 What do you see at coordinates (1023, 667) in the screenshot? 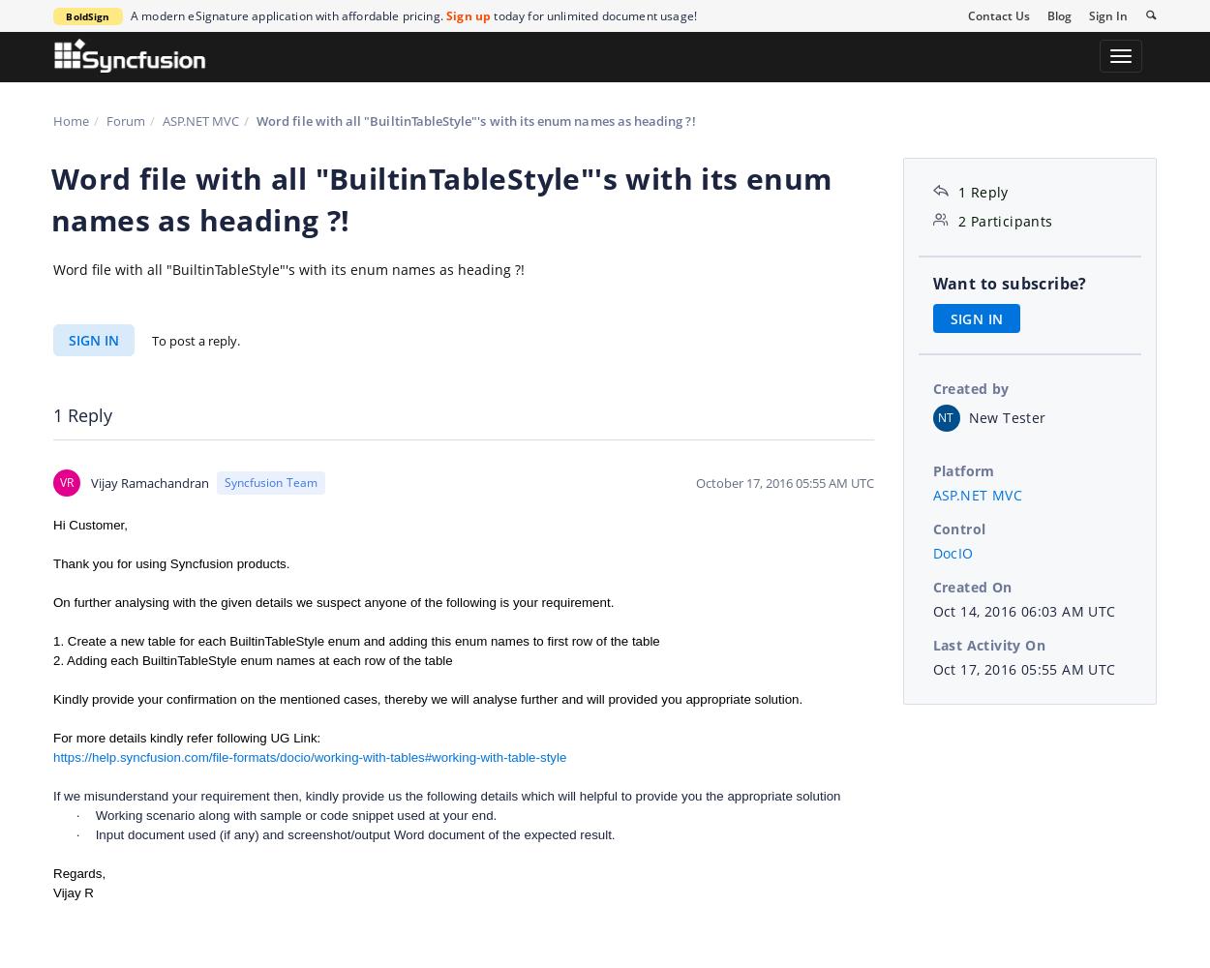
I see `'Oct 17, 2016 05:55 AM UTC'` at bounding box center [1023, 667].